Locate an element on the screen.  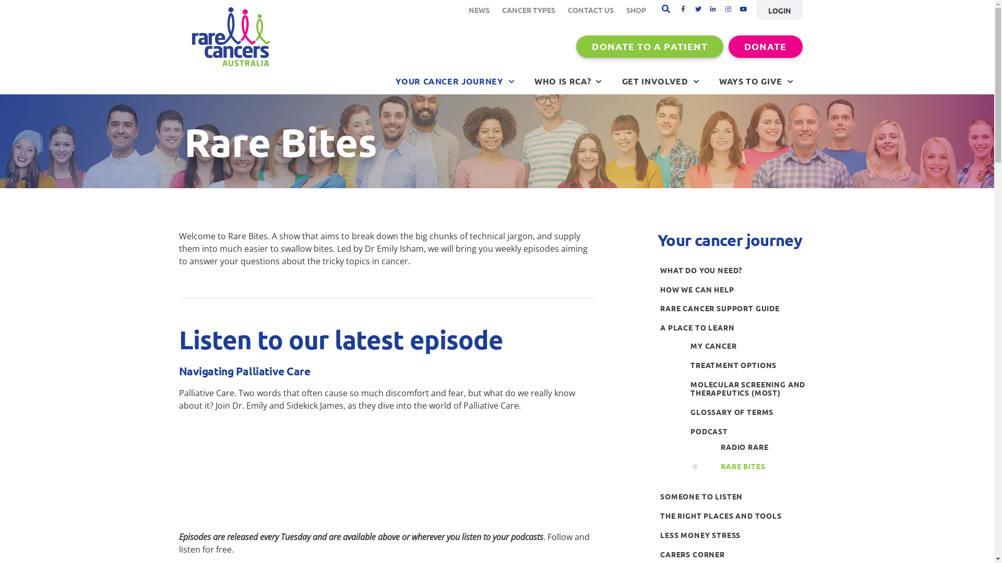
'DONATE' is located at coordinates (765, 46).